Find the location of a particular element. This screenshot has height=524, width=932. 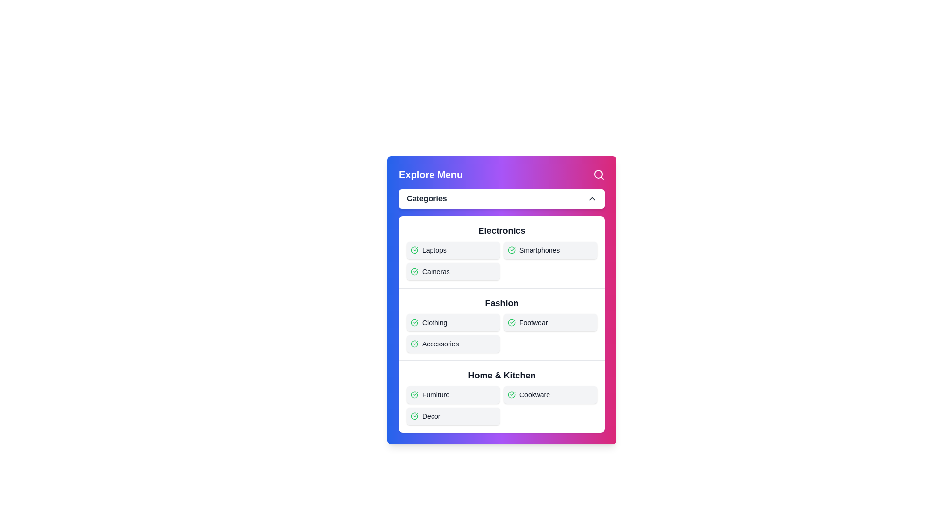

the Icon with a checkmark inside a circle that indicates the 'Smartphones' option is selected, located to the left of the 'Smartphones' label under the 'Electronics' category is located at coordinates (511, 250).